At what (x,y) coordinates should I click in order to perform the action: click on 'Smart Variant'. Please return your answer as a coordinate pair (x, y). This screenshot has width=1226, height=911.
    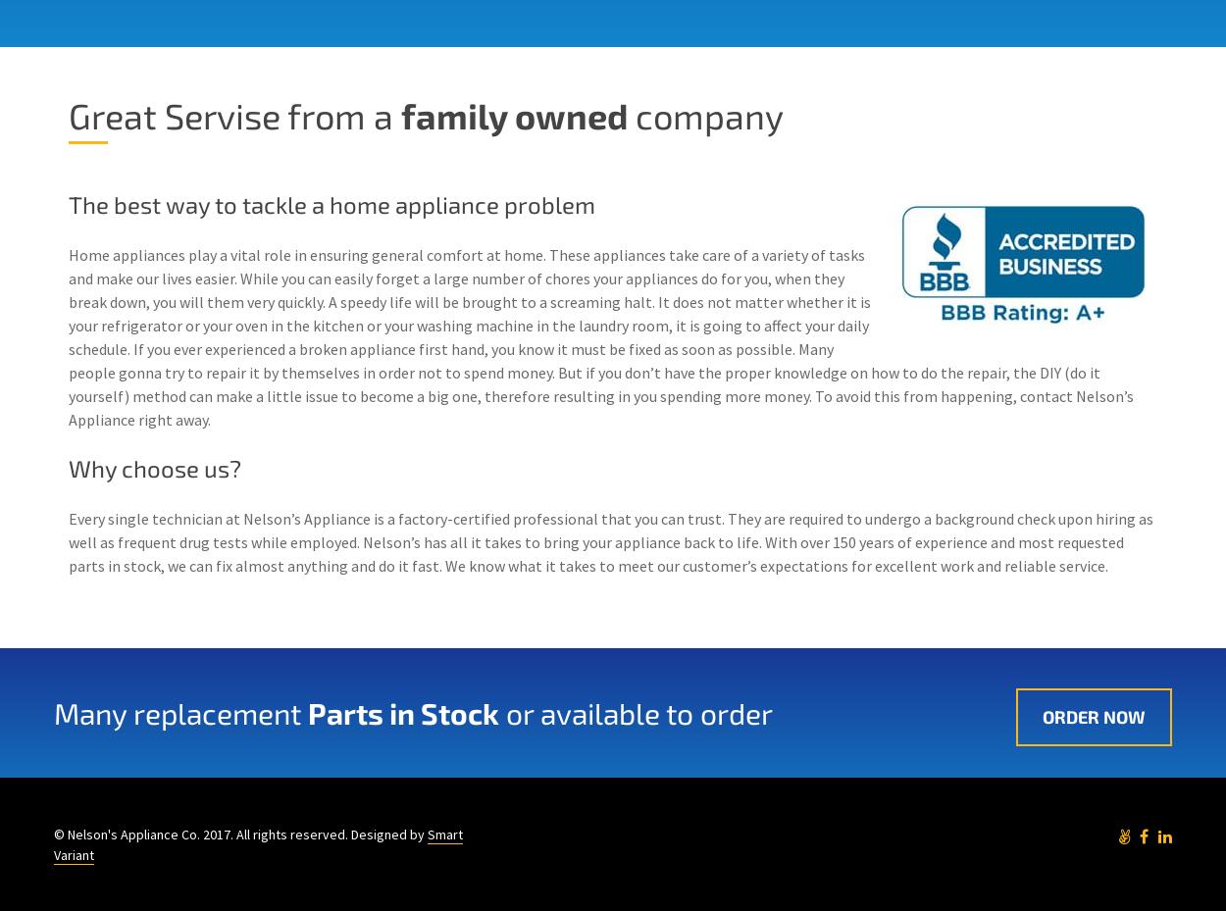
    Looking at the image, I should click on (258, 843).